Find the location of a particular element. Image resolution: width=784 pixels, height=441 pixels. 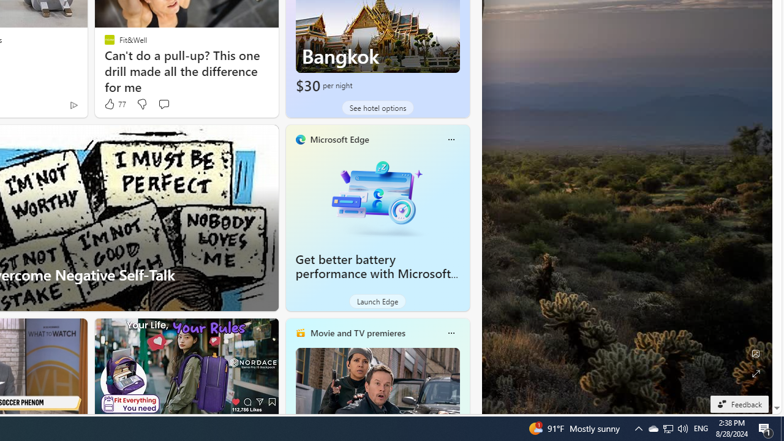

'Expand background' is located at coordinates (755, 373).